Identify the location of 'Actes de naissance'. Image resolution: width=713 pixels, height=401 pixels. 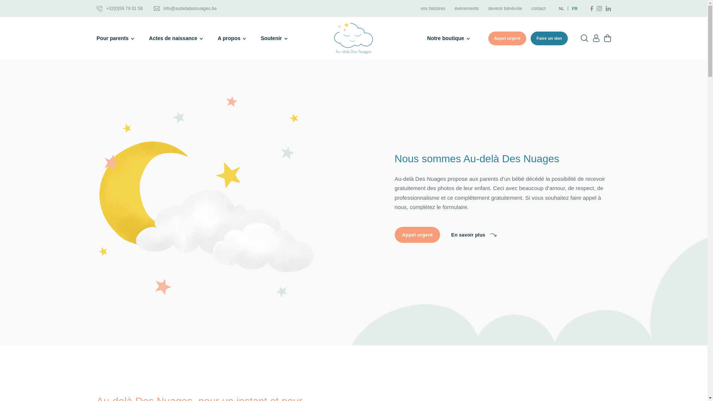
(175, 38).